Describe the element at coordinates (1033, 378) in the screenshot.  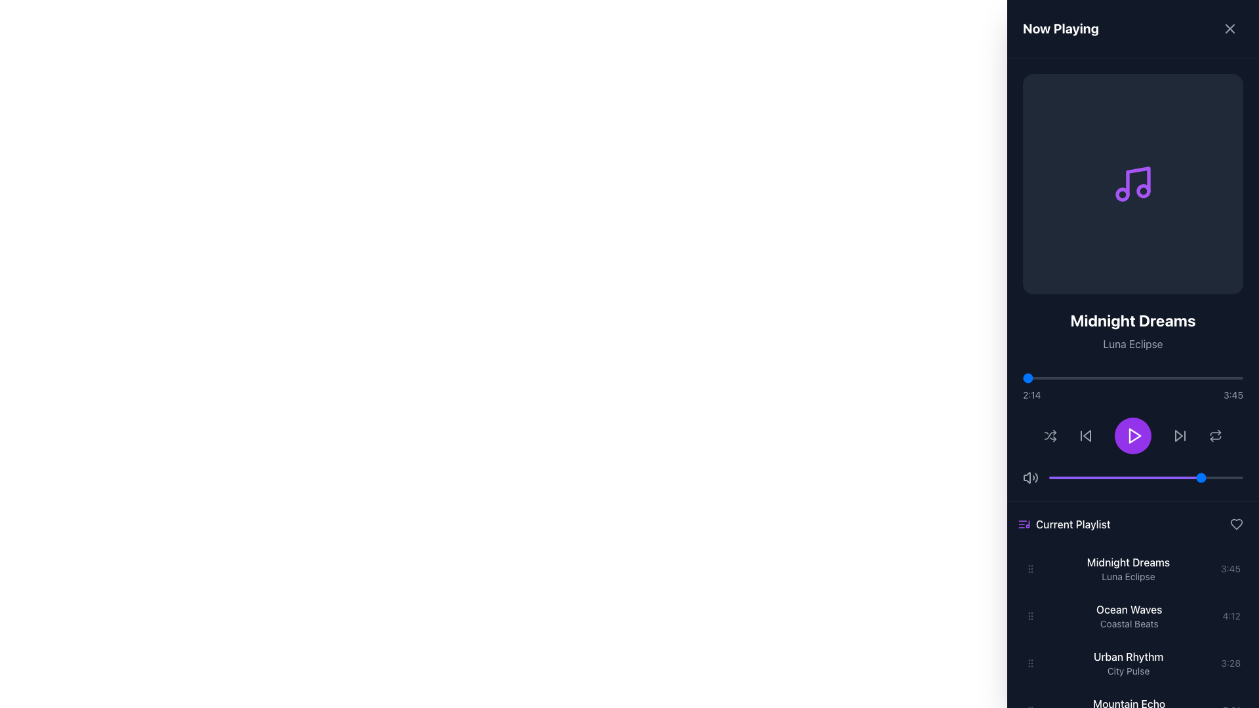
I see `playback position` at that location.